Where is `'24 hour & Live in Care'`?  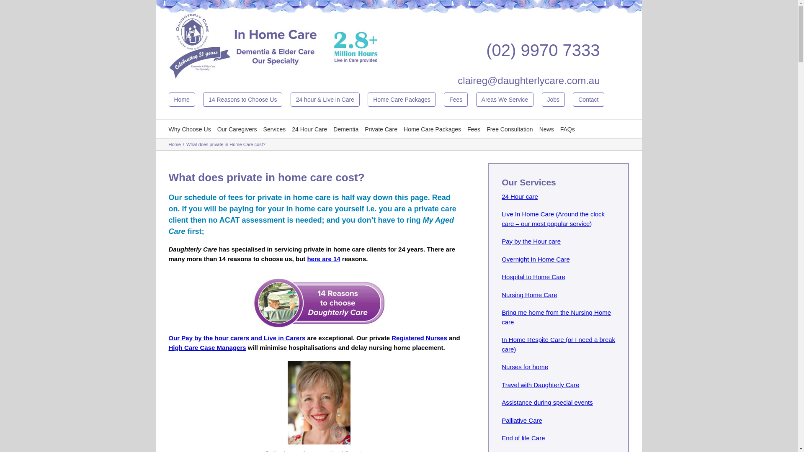
'24 hour & Live in Care' is located at coordinates (325, 99).